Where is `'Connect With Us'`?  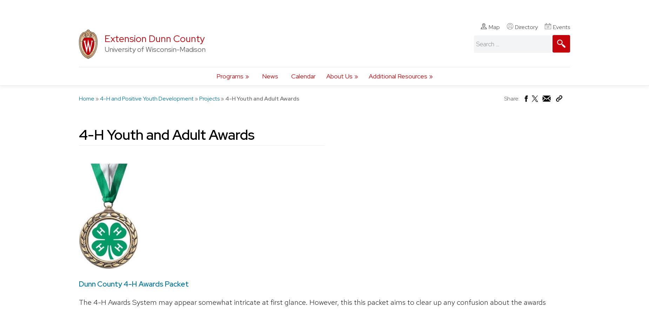 'Connect With Us' is located at coordinates (566, 7).